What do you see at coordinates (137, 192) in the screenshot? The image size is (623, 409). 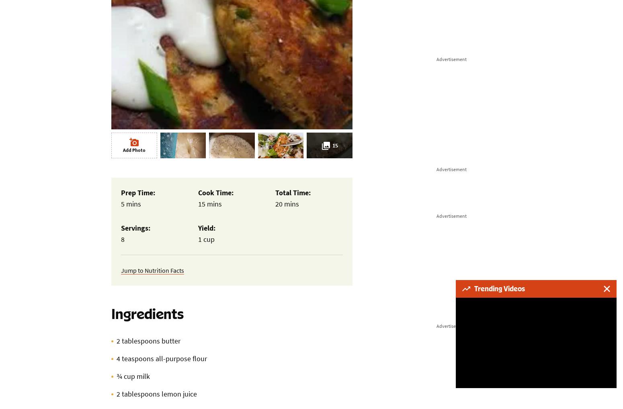 I see `'Prep Time:'` at bounding box center [137, 192].